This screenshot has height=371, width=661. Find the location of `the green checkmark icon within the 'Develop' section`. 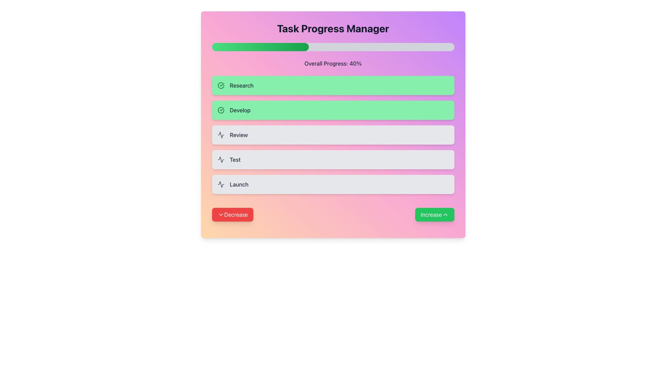

the green checkmark icon within the 'Develop' section is located at coordinates (221, 110).